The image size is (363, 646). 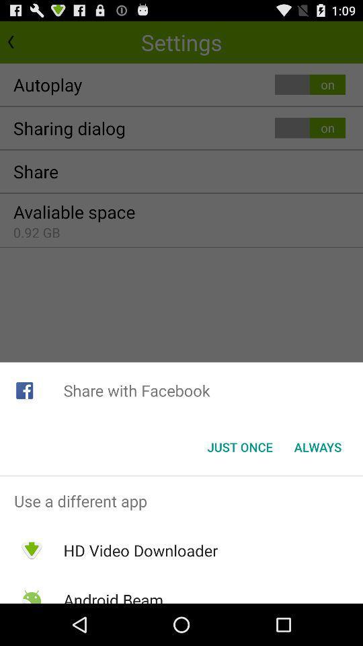 What do you see at coordinates (182, 500) in the screenshot?
I see `item above the hd video downloader icon` at bounding box center [182, 500].